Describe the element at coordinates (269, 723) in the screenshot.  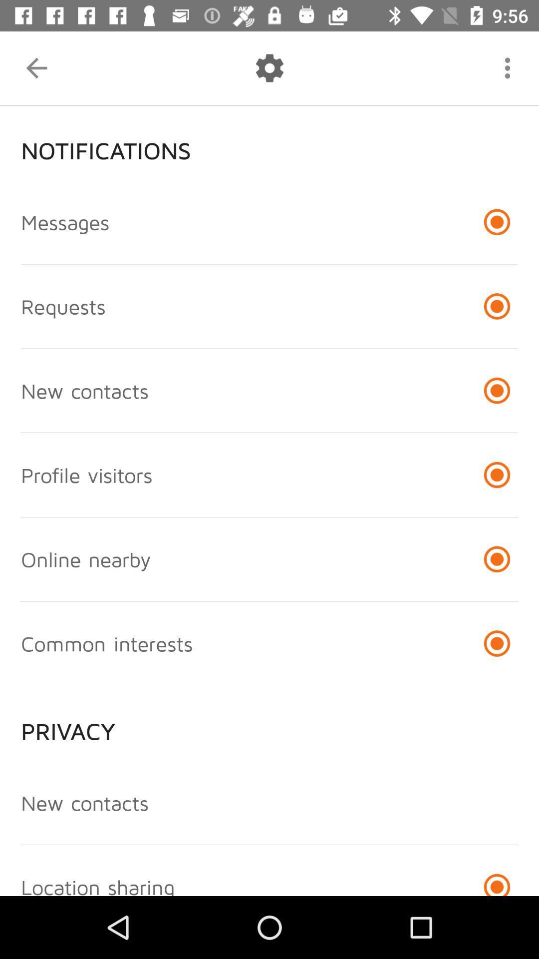
I see `the privacy` at that location.